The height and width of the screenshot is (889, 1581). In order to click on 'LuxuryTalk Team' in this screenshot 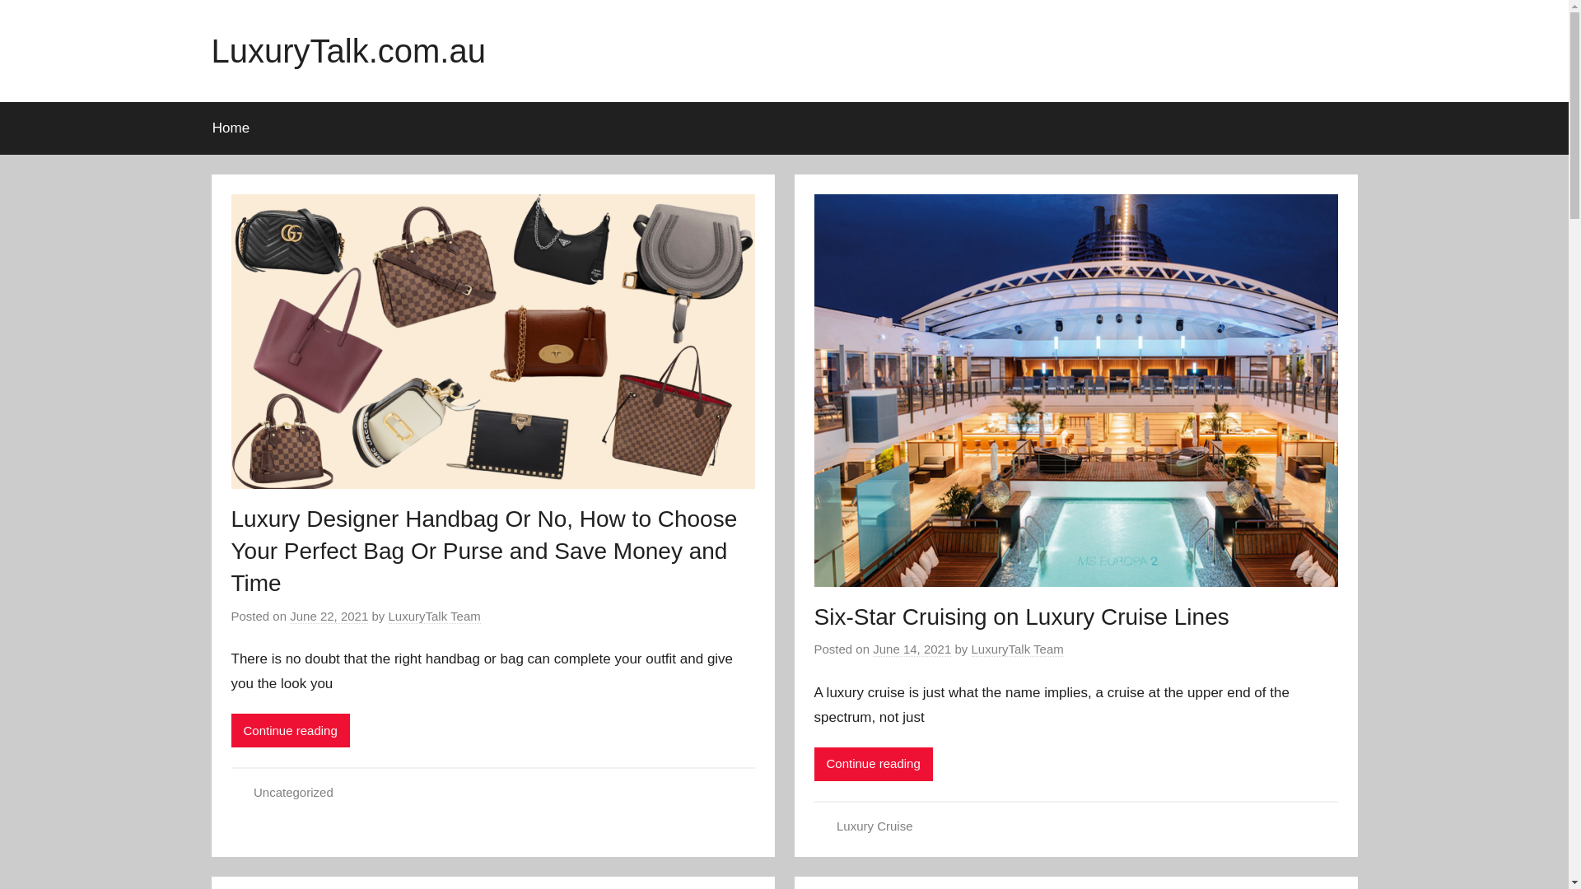, I will do `click(435, 616)`.